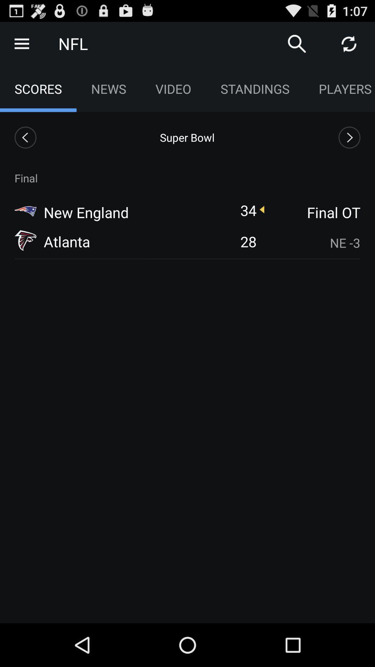 The width and height of the screenshot is (375, 667). Describe the element at coordinates (313, 243) in the screenshot. I see `app to the right of the 28 item` at that location.